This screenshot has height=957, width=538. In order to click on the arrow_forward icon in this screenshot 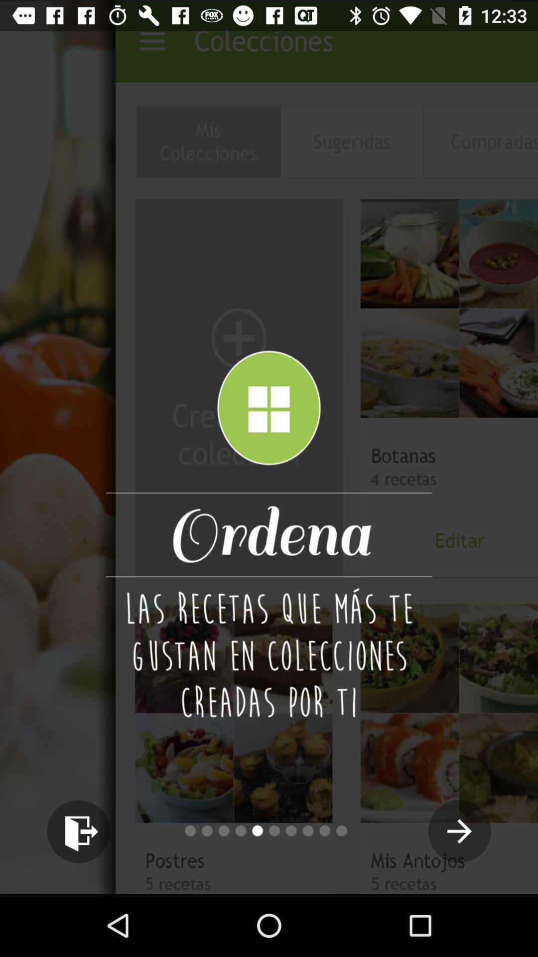, I will do `click(459, 831)`.